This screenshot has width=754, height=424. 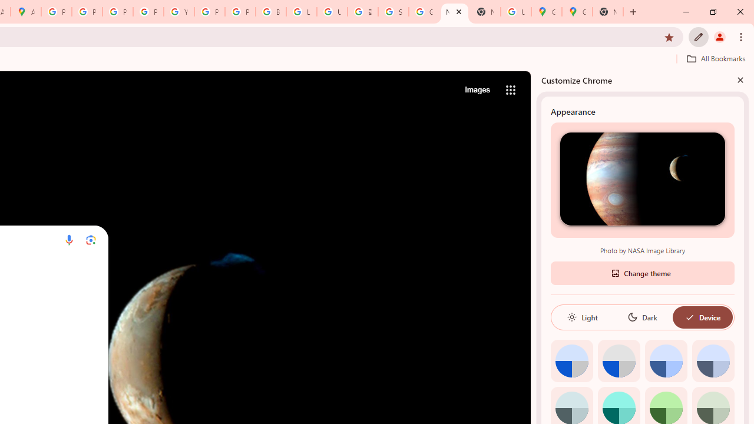 I want to click on 'All Bookmarks', so click(x=715, y=58).